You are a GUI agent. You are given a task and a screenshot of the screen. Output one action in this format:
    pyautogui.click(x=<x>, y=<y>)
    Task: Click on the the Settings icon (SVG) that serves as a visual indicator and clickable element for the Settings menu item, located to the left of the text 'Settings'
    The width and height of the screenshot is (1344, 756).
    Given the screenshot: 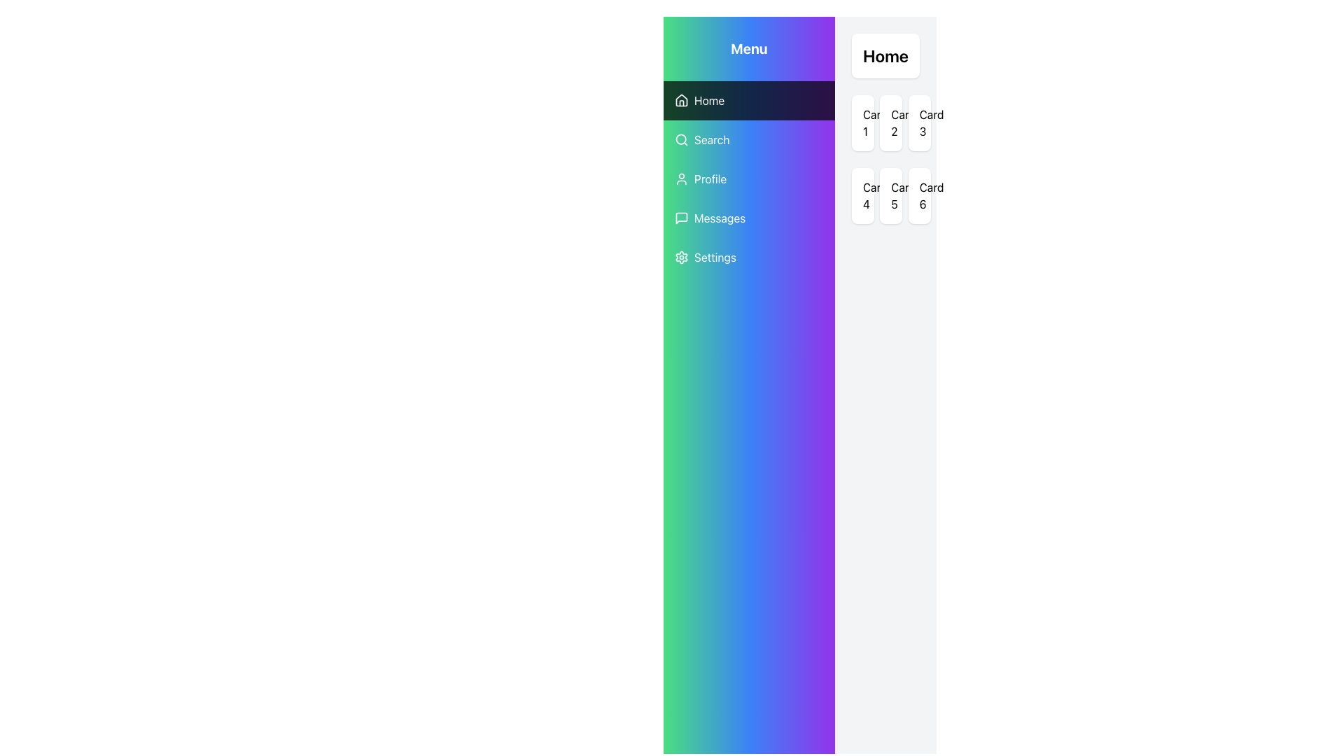 What is the action you would take?
    pyautogui.click(x=682, y=257)
    